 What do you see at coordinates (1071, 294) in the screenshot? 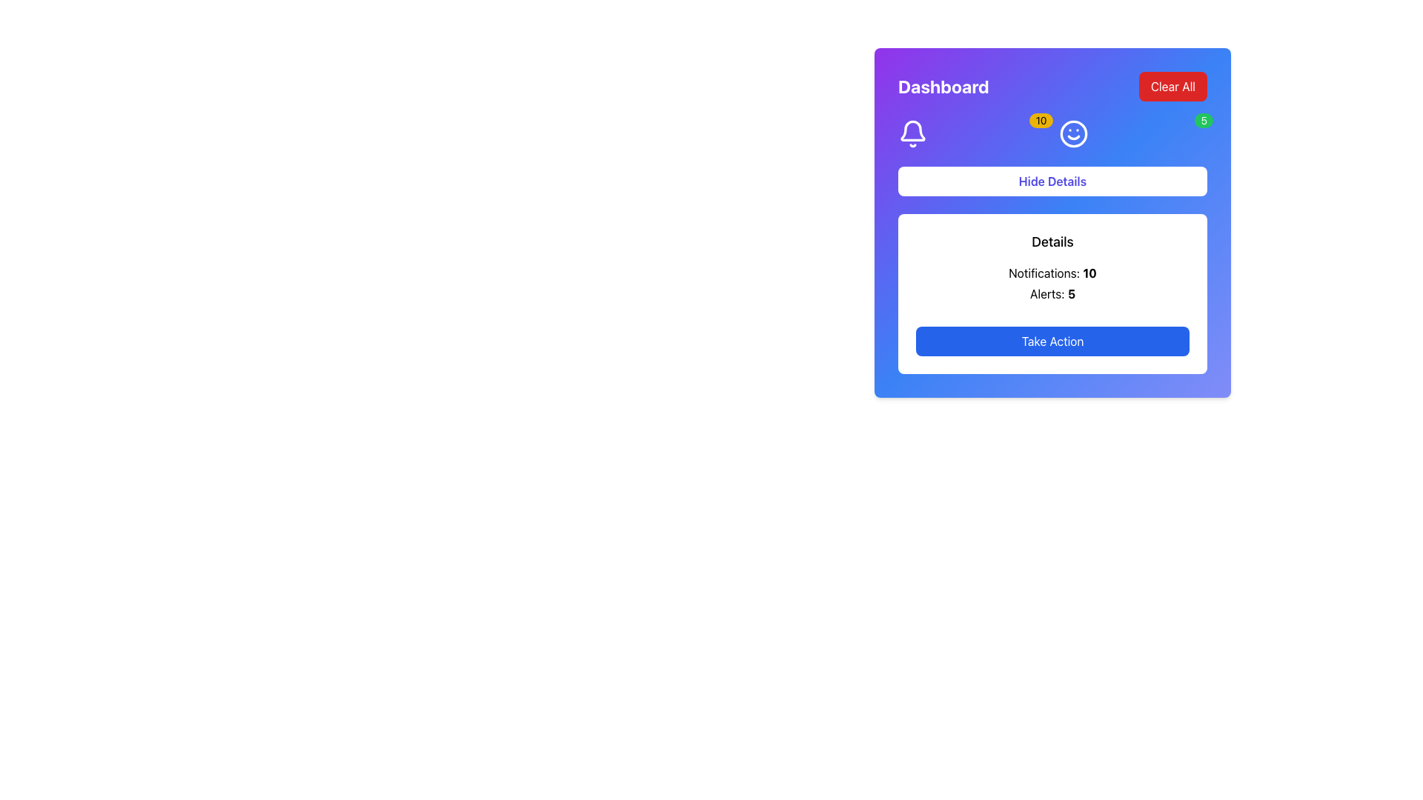
I see `the static text element displaying the alert count '5' located to the right of the label 'Alerts:' in the 'Details' section of the interface` at bounding box center [1071, 294].